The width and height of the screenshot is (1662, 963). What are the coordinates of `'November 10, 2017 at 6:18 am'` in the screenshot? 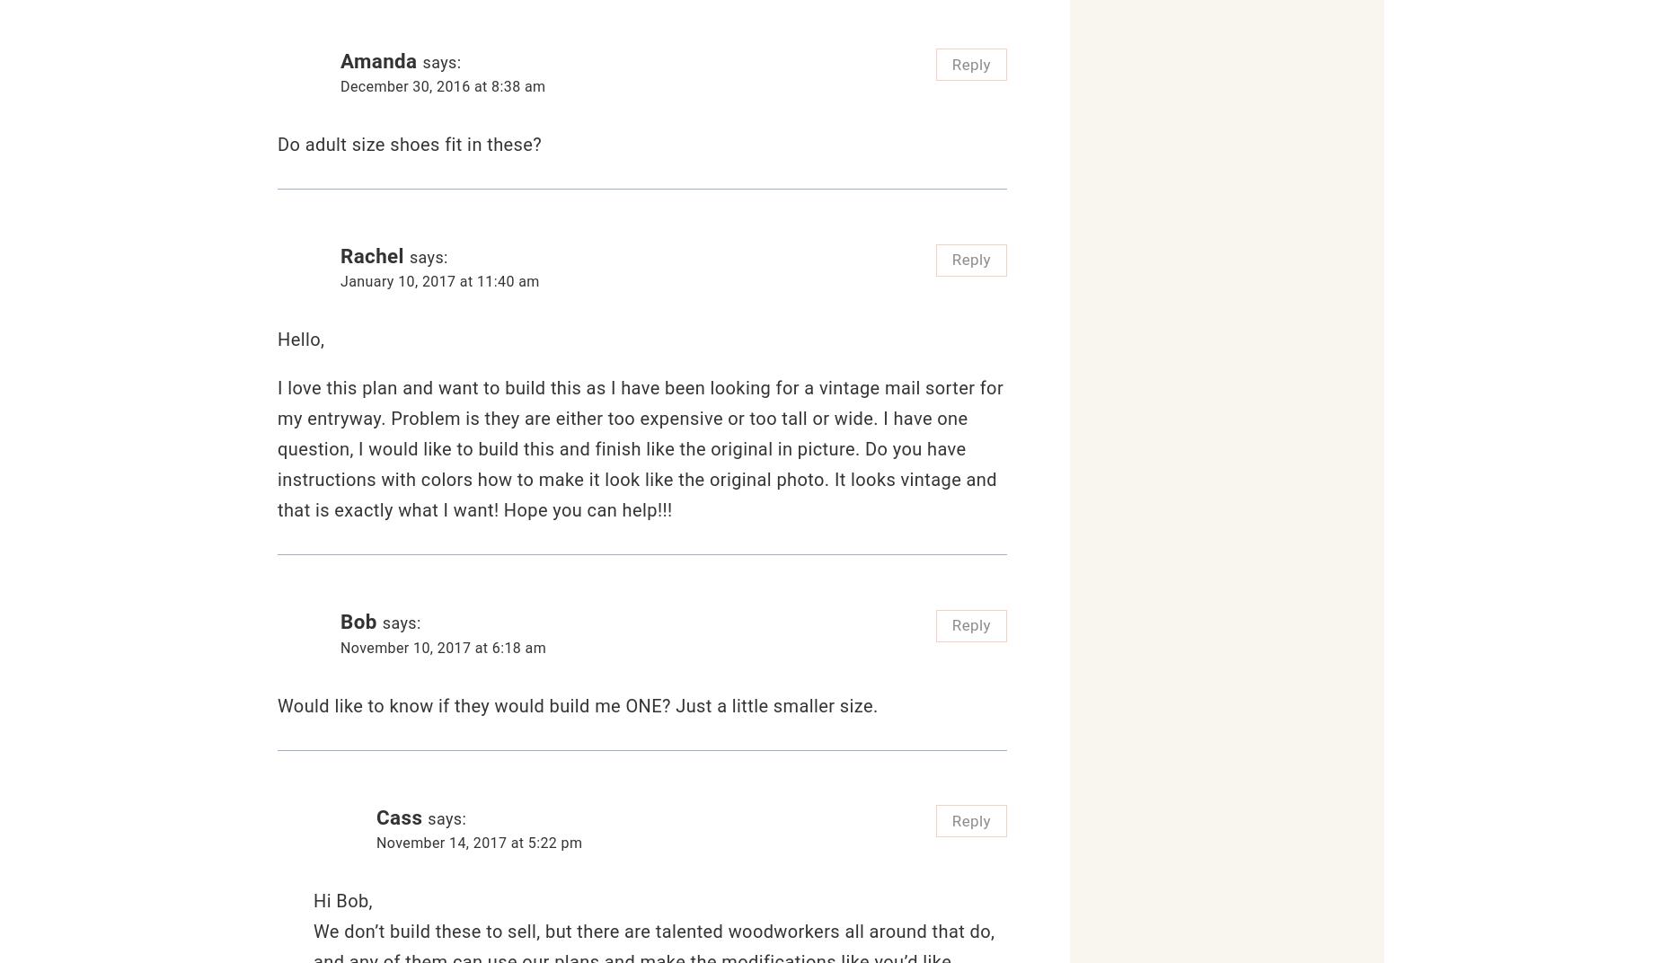 It's located at (443, 646).